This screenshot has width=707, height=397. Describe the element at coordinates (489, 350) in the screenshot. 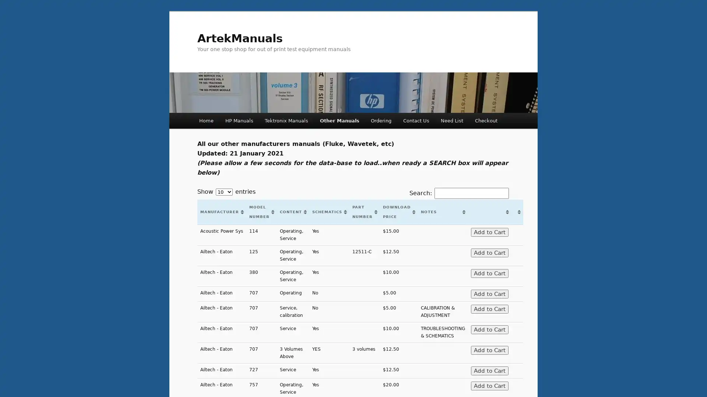

I see `Add to Cart` at that location.